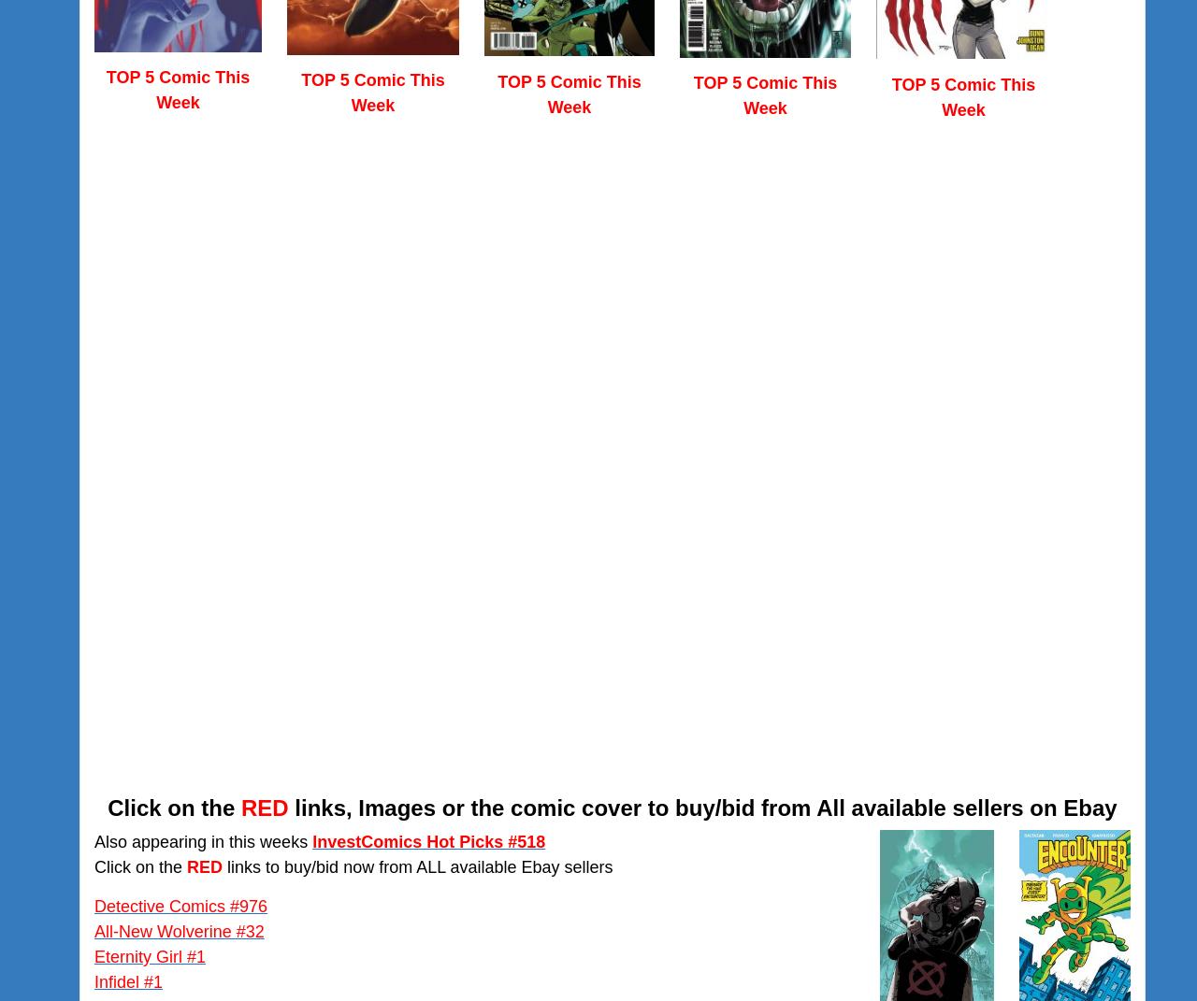  What do you see at coordinates (416, 865) in the screenshot?
I see `'links to buy/bid now from ALL available Ebay sellers'` at bounding box center [416, 865].